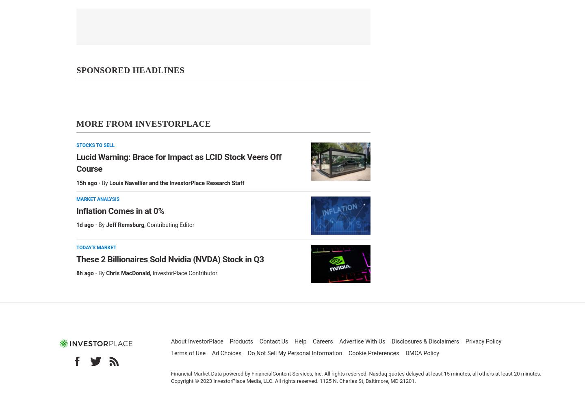  Describe the element at coordinates (76, 162) in the screenshot. I see `'Lucid Warning: Brace for Impact as LCID Stock Veers Off Course'` at that location.